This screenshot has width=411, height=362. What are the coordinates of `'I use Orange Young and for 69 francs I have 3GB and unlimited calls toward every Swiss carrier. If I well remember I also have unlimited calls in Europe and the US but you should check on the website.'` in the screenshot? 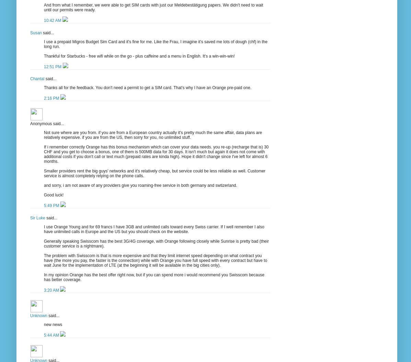 It's located at (154, 229).